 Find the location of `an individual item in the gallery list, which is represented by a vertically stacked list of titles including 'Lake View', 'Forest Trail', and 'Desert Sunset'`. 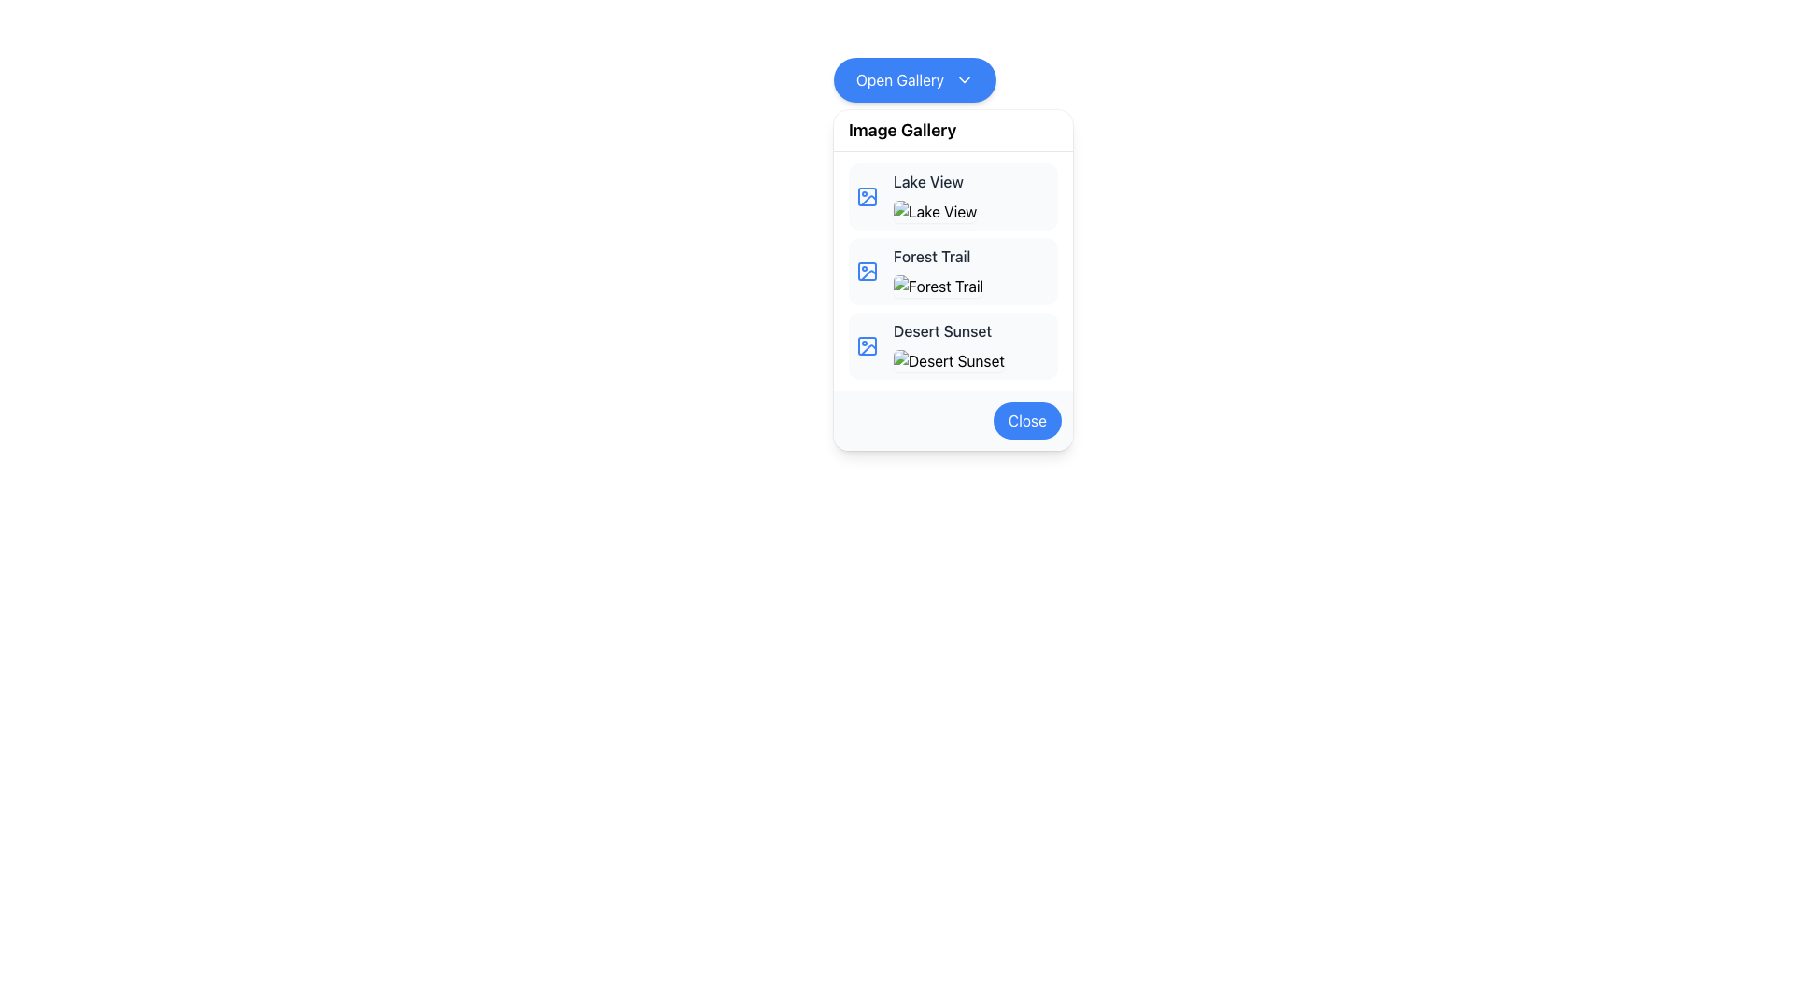

an individual item in the gallery list, which is represented by a vertically stacked list of titles including 'Lake View', 'Forest Trail', and 'Desert Sunset' is located at coordinates (953, 271).